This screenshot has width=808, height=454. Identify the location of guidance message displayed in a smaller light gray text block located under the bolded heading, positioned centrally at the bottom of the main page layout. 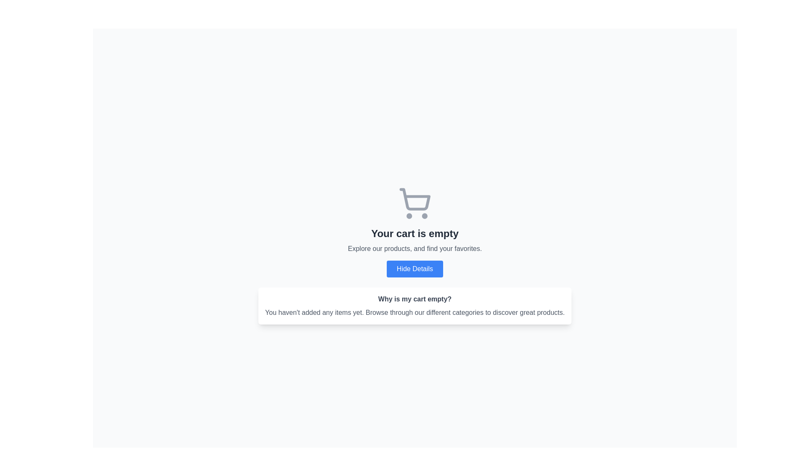
(415, 313).